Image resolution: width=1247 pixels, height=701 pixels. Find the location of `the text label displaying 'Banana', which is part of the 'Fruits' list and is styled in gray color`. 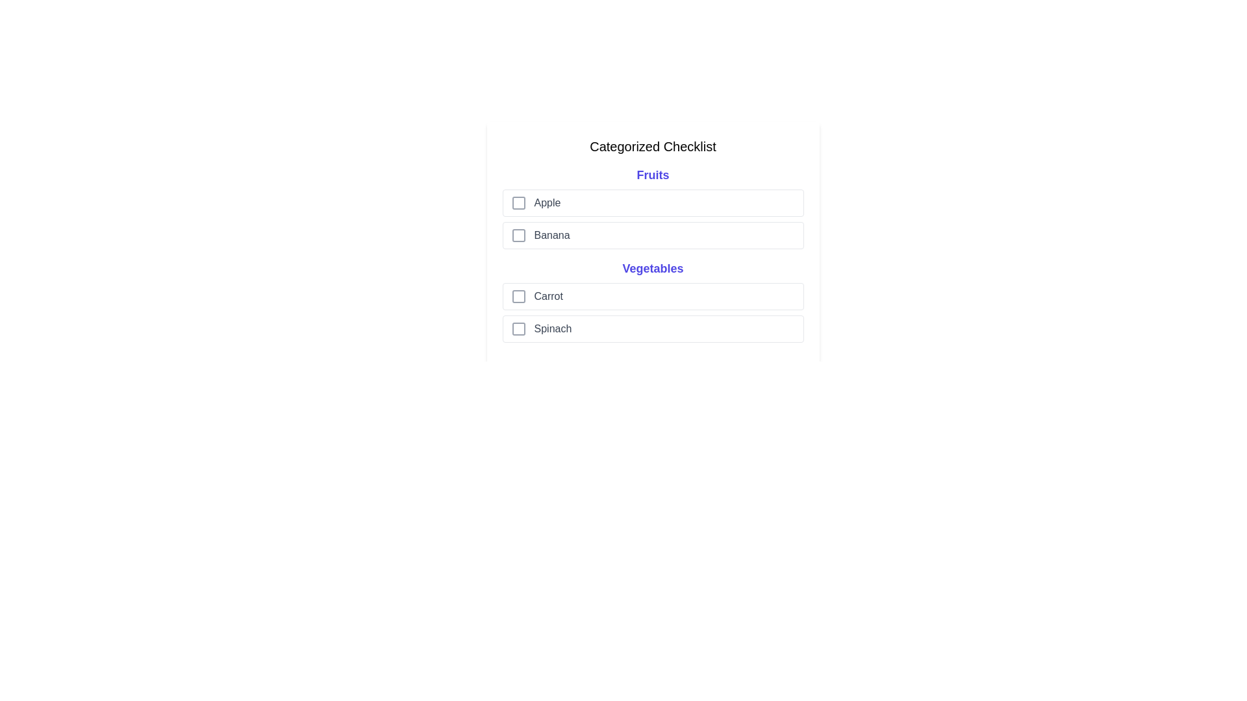

the text label displaying 'Banana', which is part of the 'Fruits' list and is styled in gray color is located at coordinates (552, 235).